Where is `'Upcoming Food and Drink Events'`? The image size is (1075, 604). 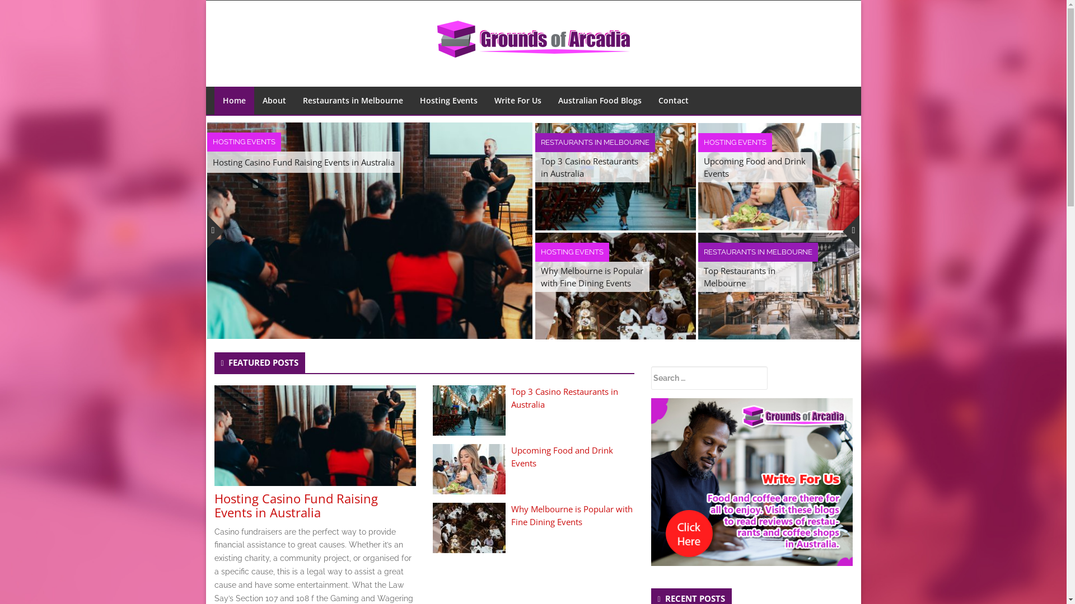
'Upcoming Food and Drink Events' is located at coordinates (755, 167).